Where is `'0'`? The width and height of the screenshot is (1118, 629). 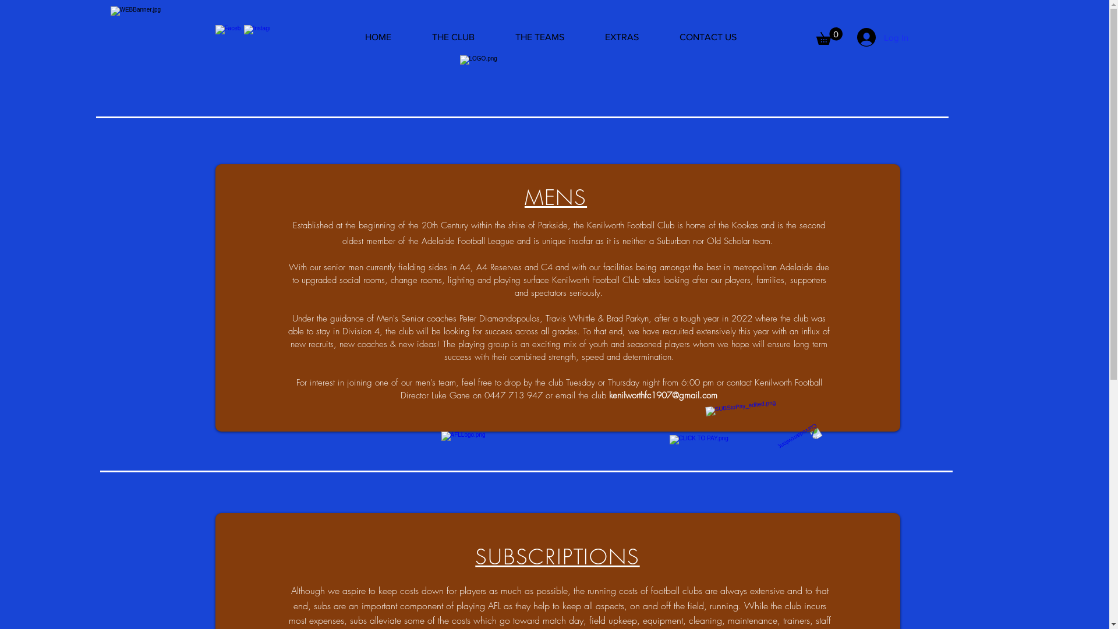 '0' is located at coordinates (829, 35).